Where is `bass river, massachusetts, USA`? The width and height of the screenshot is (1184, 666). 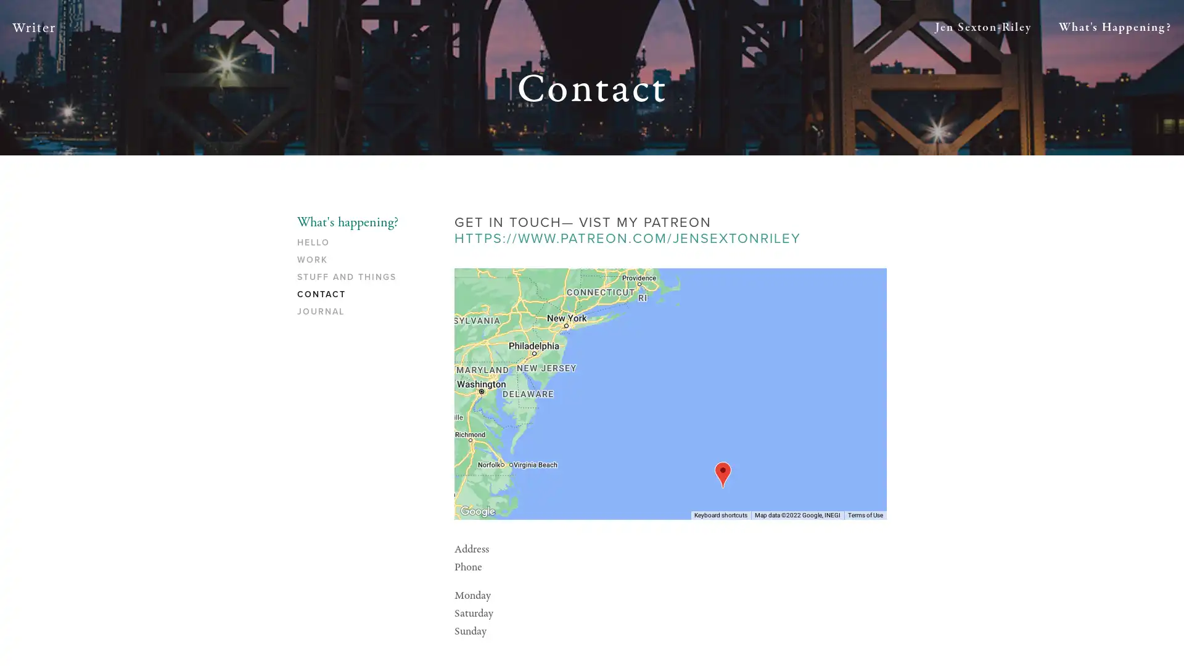
bass river, massachusetts, USA is located at coordinates (722, 474).